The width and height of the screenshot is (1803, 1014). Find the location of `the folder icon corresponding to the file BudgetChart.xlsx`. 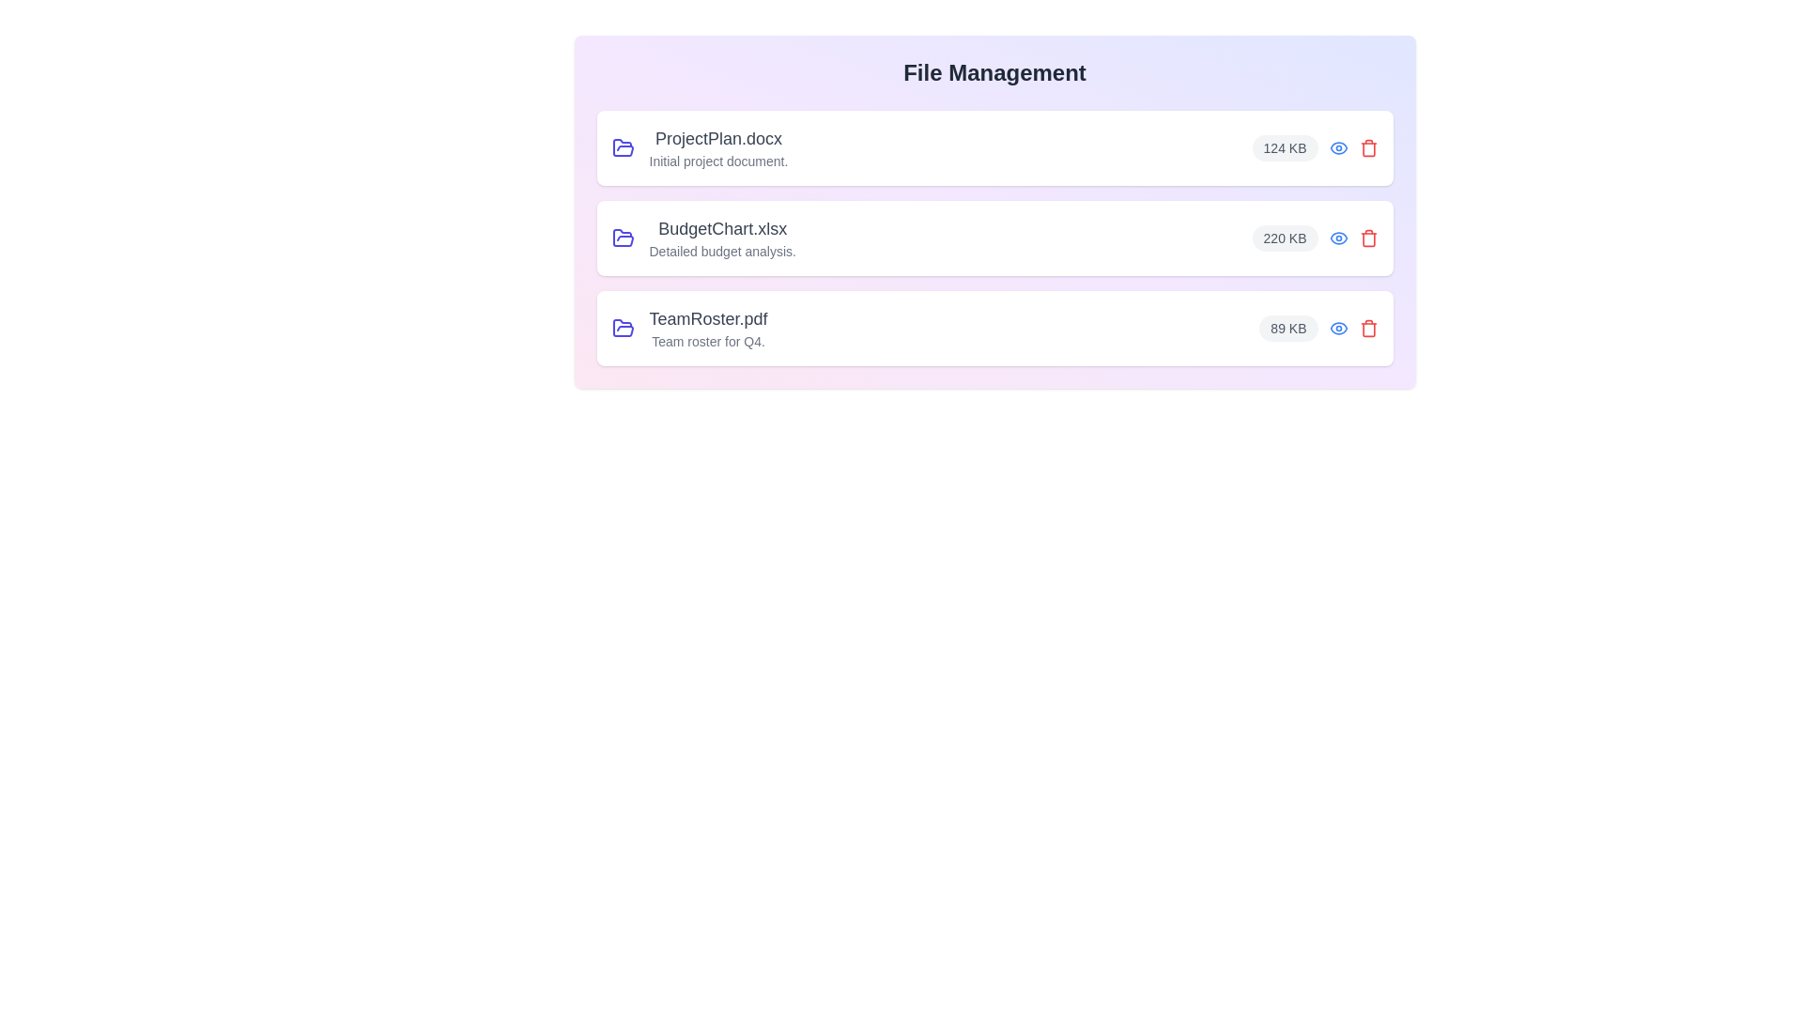

the folder icon corresponding to the file BudgetChart.xlsx is located at coordinates (623, 238).